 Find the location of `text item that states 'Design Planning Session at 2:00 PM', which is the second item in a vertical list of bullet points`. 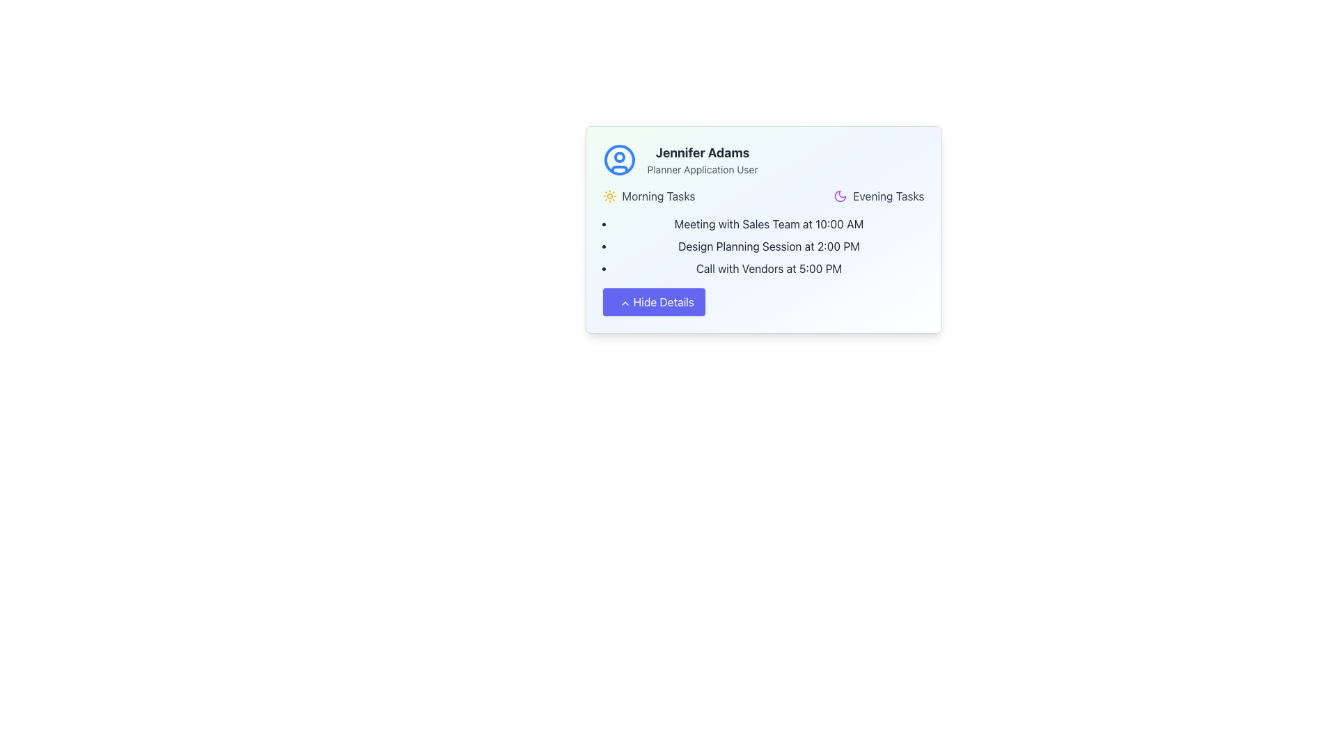

text item that states 'Design Planning Session at 2:00 PM', which is the second item in a vertical list of bullet points is located at coordinates (768, 246).